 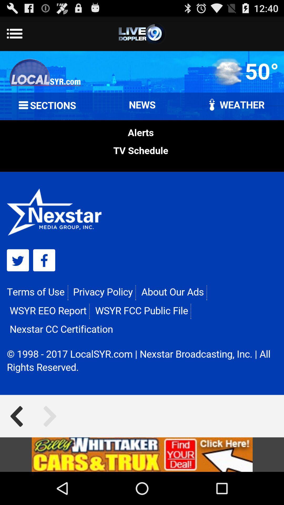 I want to click on advertisement, so click(x=142, y=454).